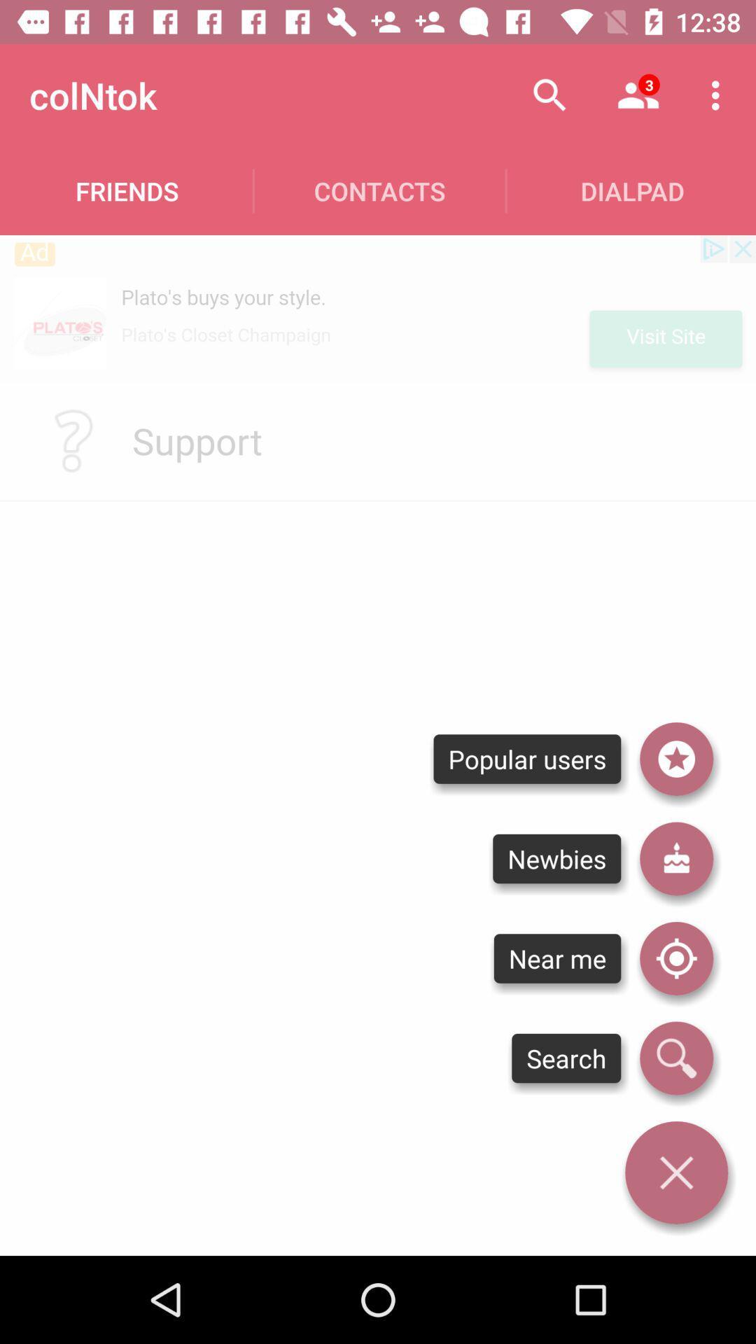 The height and width of the screenshot is (1344, 756). What do you see at coordinates (675, 758) in the screenshot?
I see `icon to the right of the popular users` at bounding box center [675, 758].